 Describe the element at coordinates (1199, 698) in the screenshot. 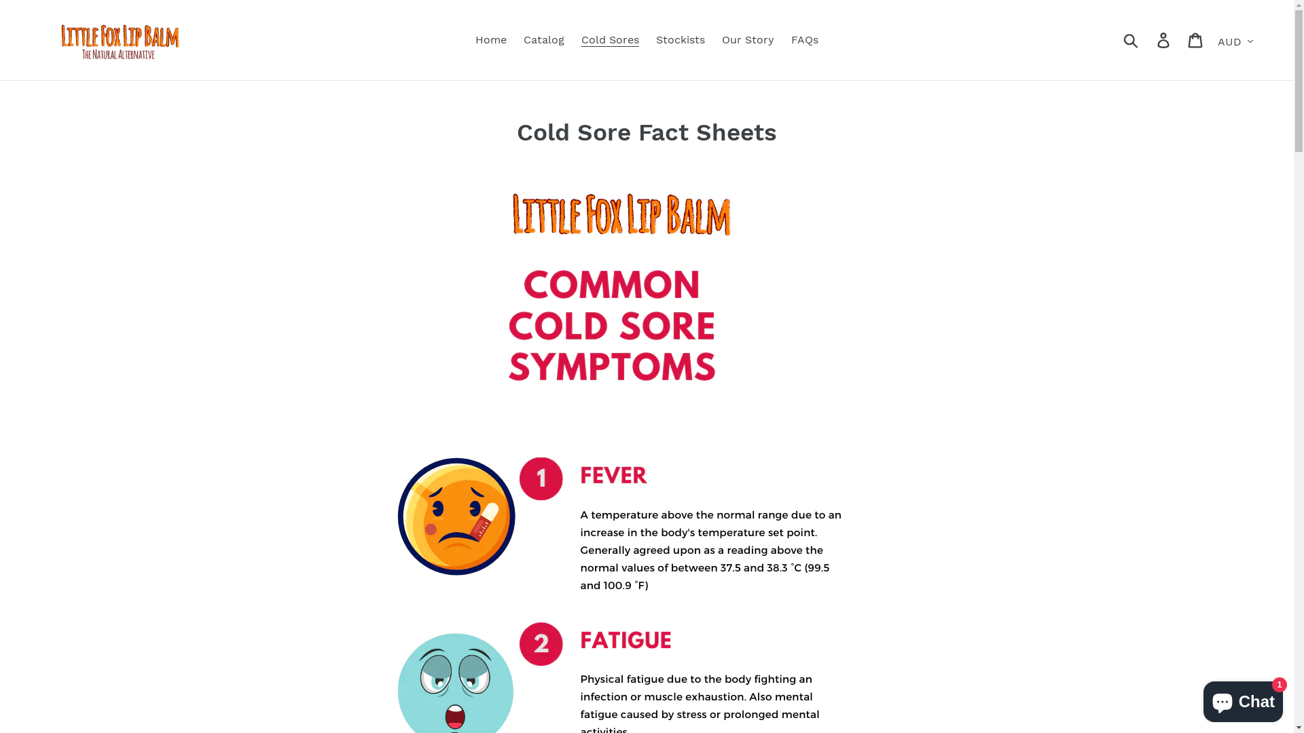

I see `'Shopify online store chat'` at that location.